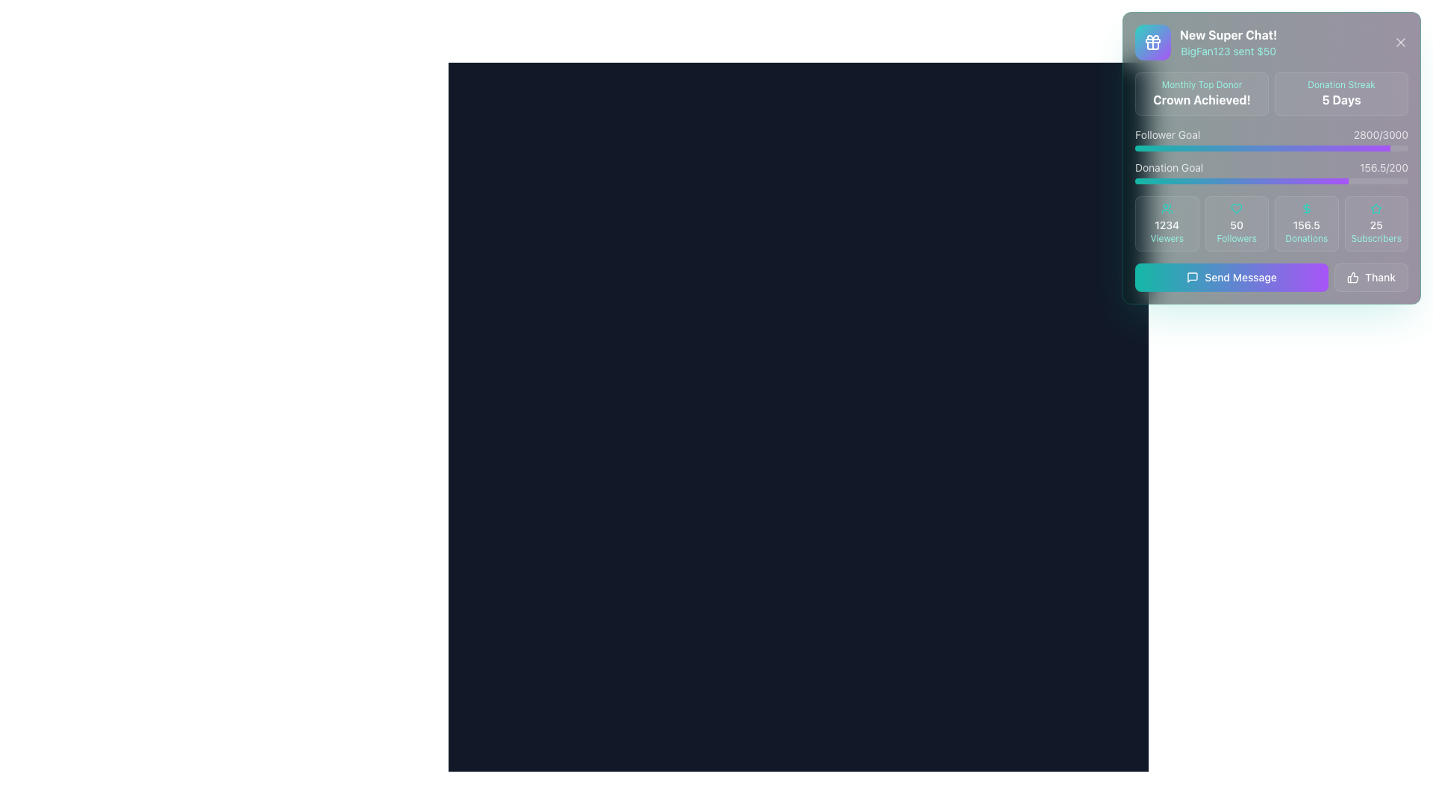 The image size is (1433, 806). Describe the element at coordinates (1271, 139) in the screenshot. I see `the Progress indicator labeled 'Follower Goal' which displays '2800/3000' and features a gradient progress bar` at that location.